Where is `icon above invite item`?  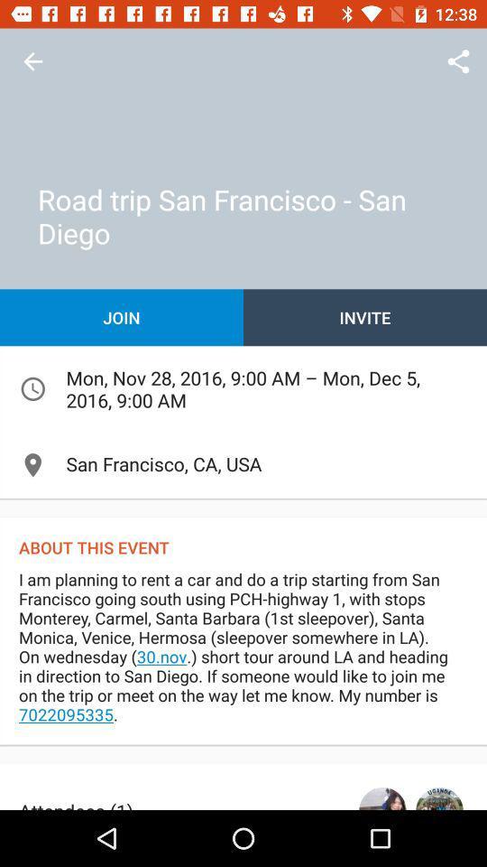 icon above invite item is located at coordinates (458, 61).